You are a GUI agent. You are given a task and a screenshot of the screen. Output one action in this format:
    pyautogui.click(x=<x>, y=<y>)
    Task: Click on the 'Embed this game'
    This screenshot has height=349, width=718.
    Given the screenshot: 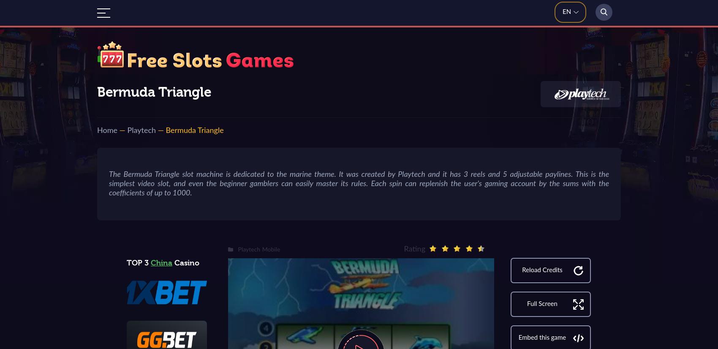 What is the action you would take?
    pyautogui.click(x=542, y=337)
    